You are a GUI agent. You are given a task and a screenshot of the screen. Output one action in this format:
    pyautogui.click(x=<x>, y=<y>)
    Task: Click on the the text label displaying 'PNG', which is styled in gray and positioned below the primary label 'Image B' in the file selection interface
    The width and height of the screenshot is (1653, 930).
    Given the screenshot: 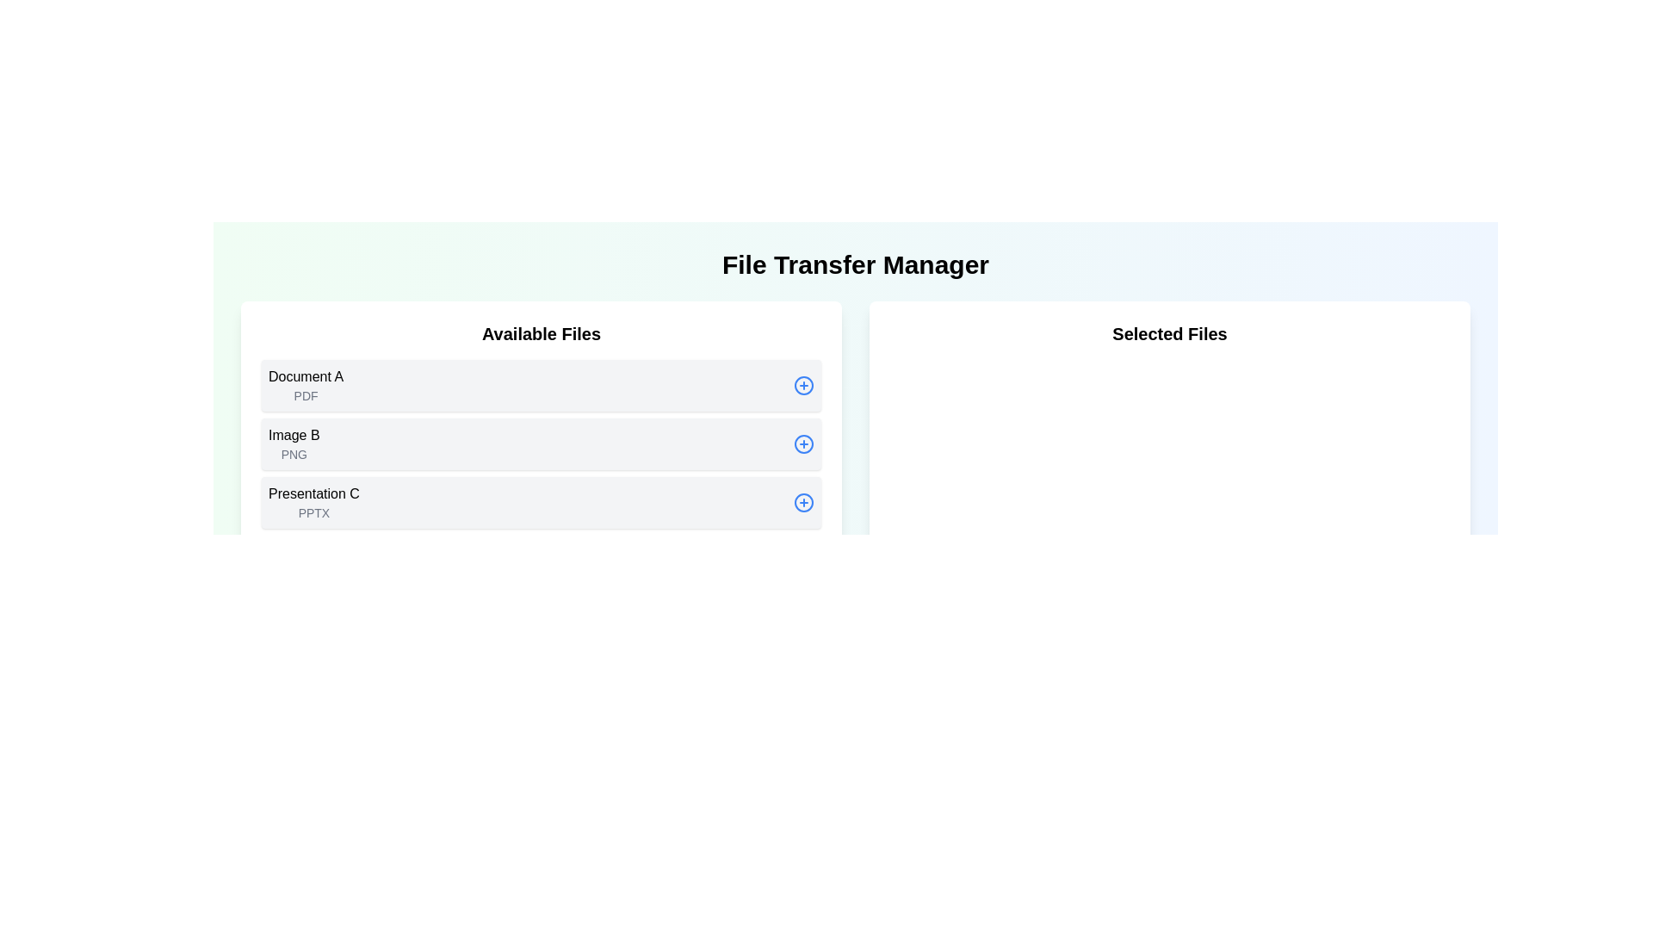 What is the action you would take?
    pyautogui.click(x=294, y=454)
    